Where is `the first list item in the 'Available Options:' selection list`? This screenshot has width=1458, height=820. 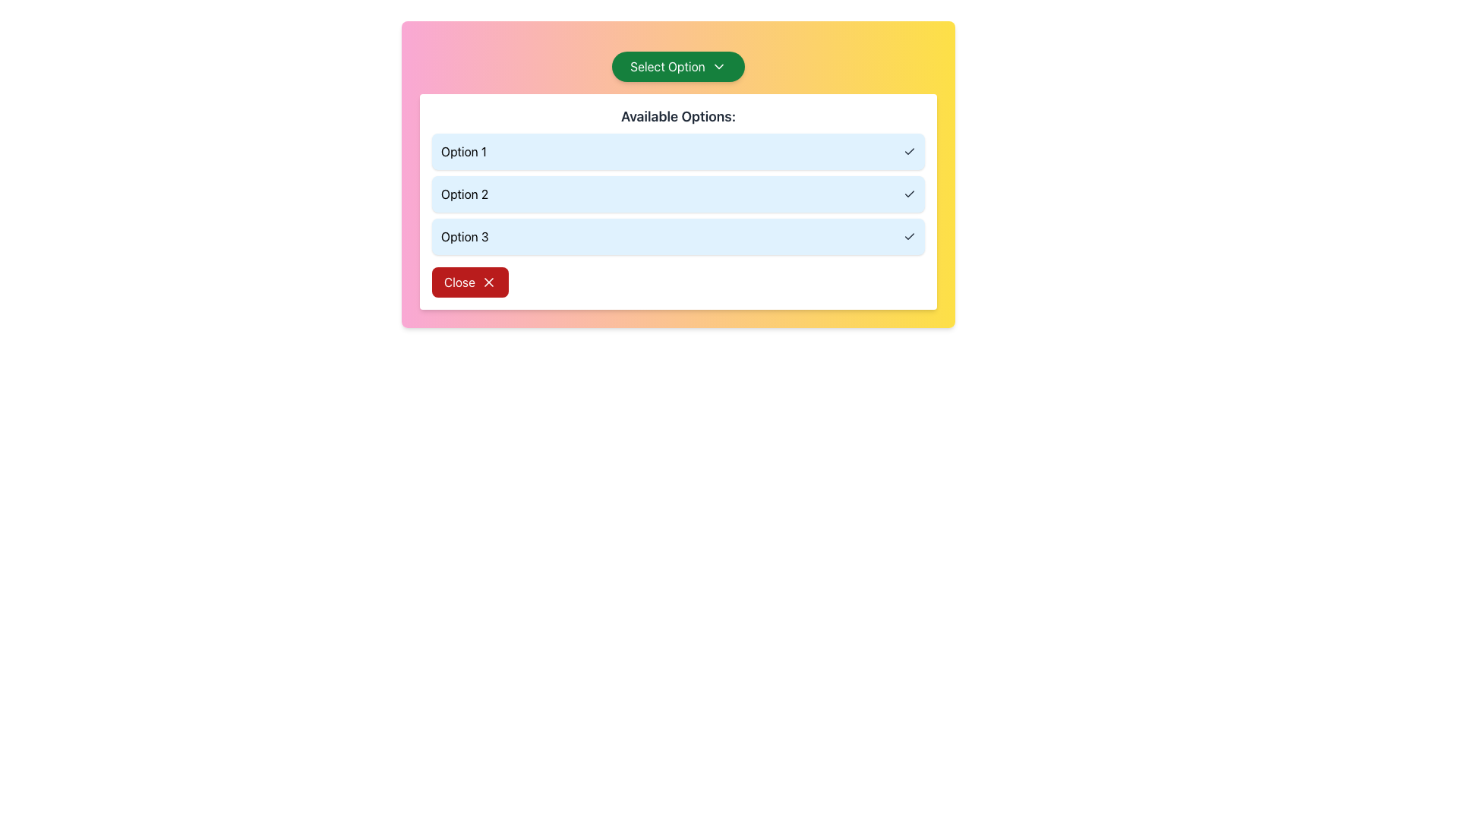
the first list item in the 'Available Options:' selection list is located at coordinates (677, 152).